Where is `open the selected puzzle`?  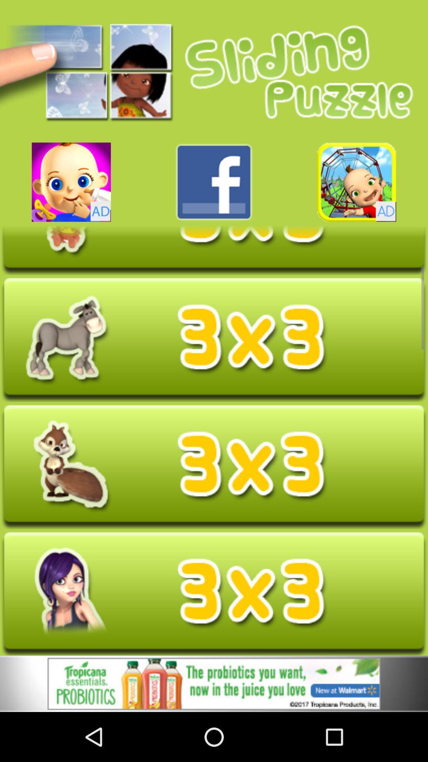
open the selected puzzle is located at coordinates (214, 249).